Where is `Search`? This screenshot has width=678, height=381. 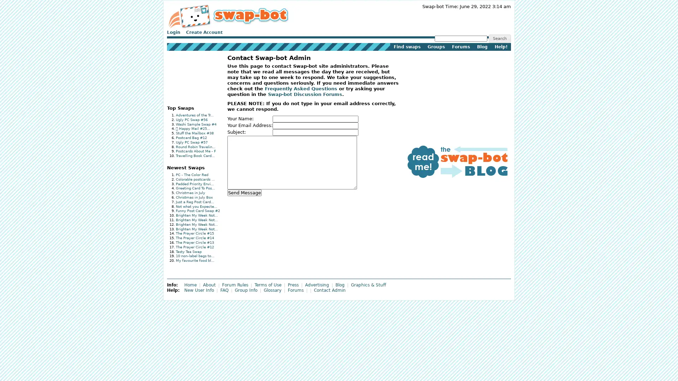 Search is located at coordinates (499, 38).